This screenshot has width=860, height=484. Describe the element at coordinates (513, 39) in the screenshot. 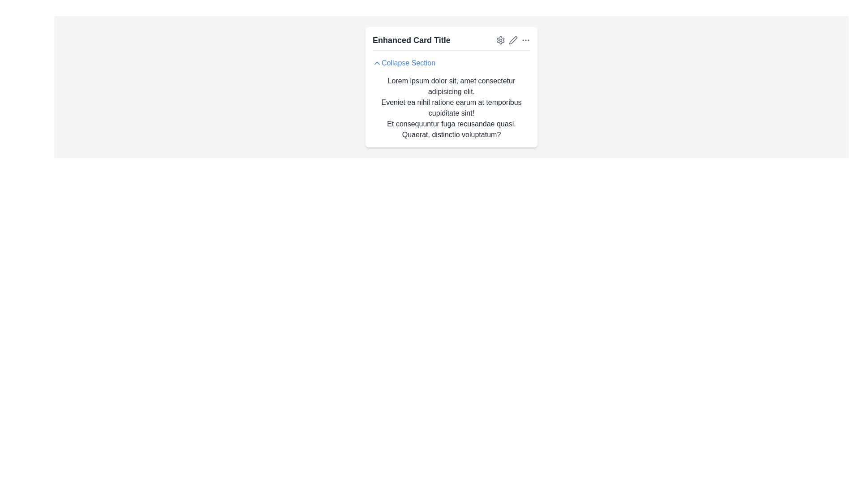

I see `the writing tool icon located in the top right corner of the 'Enhanced Card Title', which triggers an edit feature` at that location.